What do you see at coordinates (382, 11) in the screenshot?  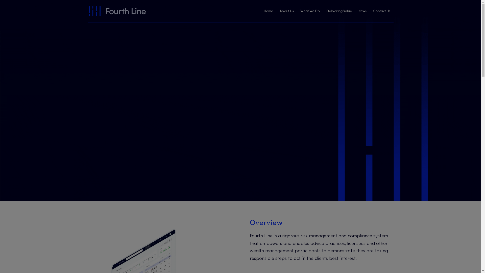 I see `'Contact Us'` at bounding box center [382, 11].